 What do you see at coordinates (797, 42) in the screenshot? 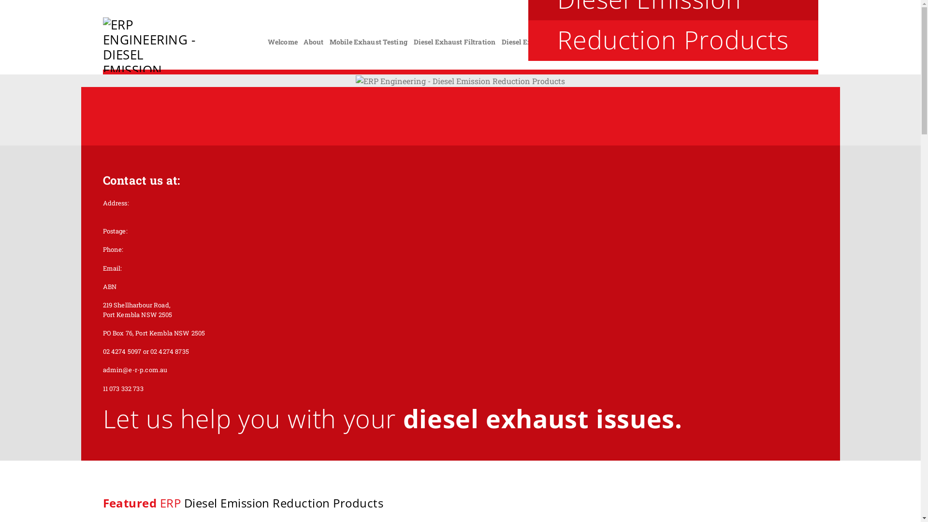
I see `'Contact Us'` at bounding box center [797, 42].